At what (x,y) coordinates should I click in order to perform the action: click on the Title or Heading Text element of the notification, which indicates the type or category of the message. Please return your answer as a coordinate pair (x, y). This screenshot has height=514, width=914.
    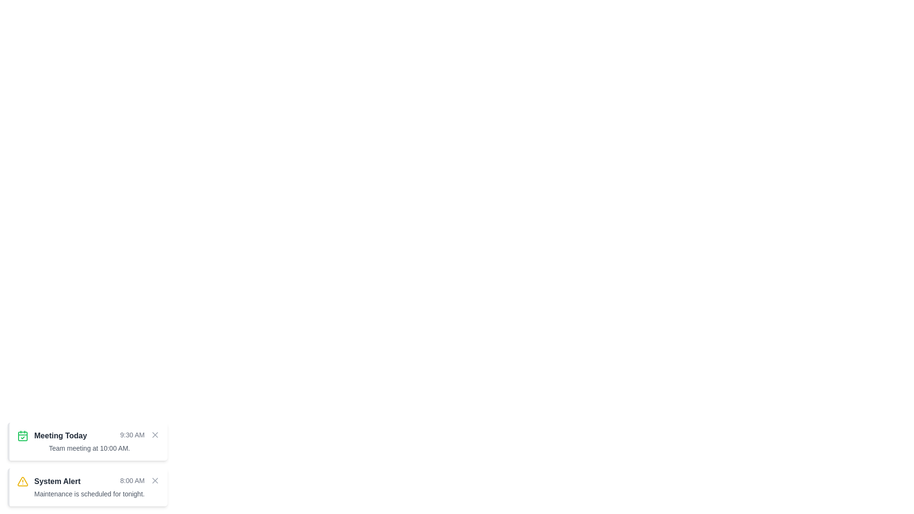
    Looking at the image, I should click on (57, 481).